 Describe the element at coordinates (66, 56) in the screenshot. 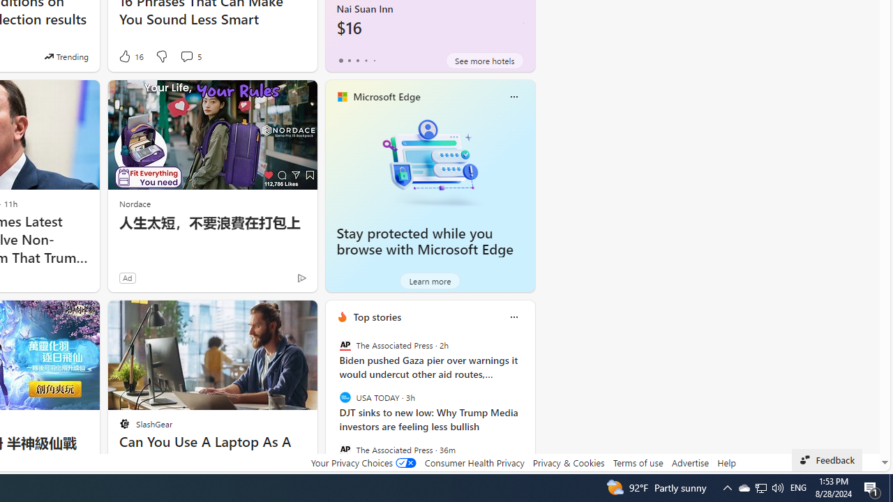

I see `'This story is trending'` at that location.